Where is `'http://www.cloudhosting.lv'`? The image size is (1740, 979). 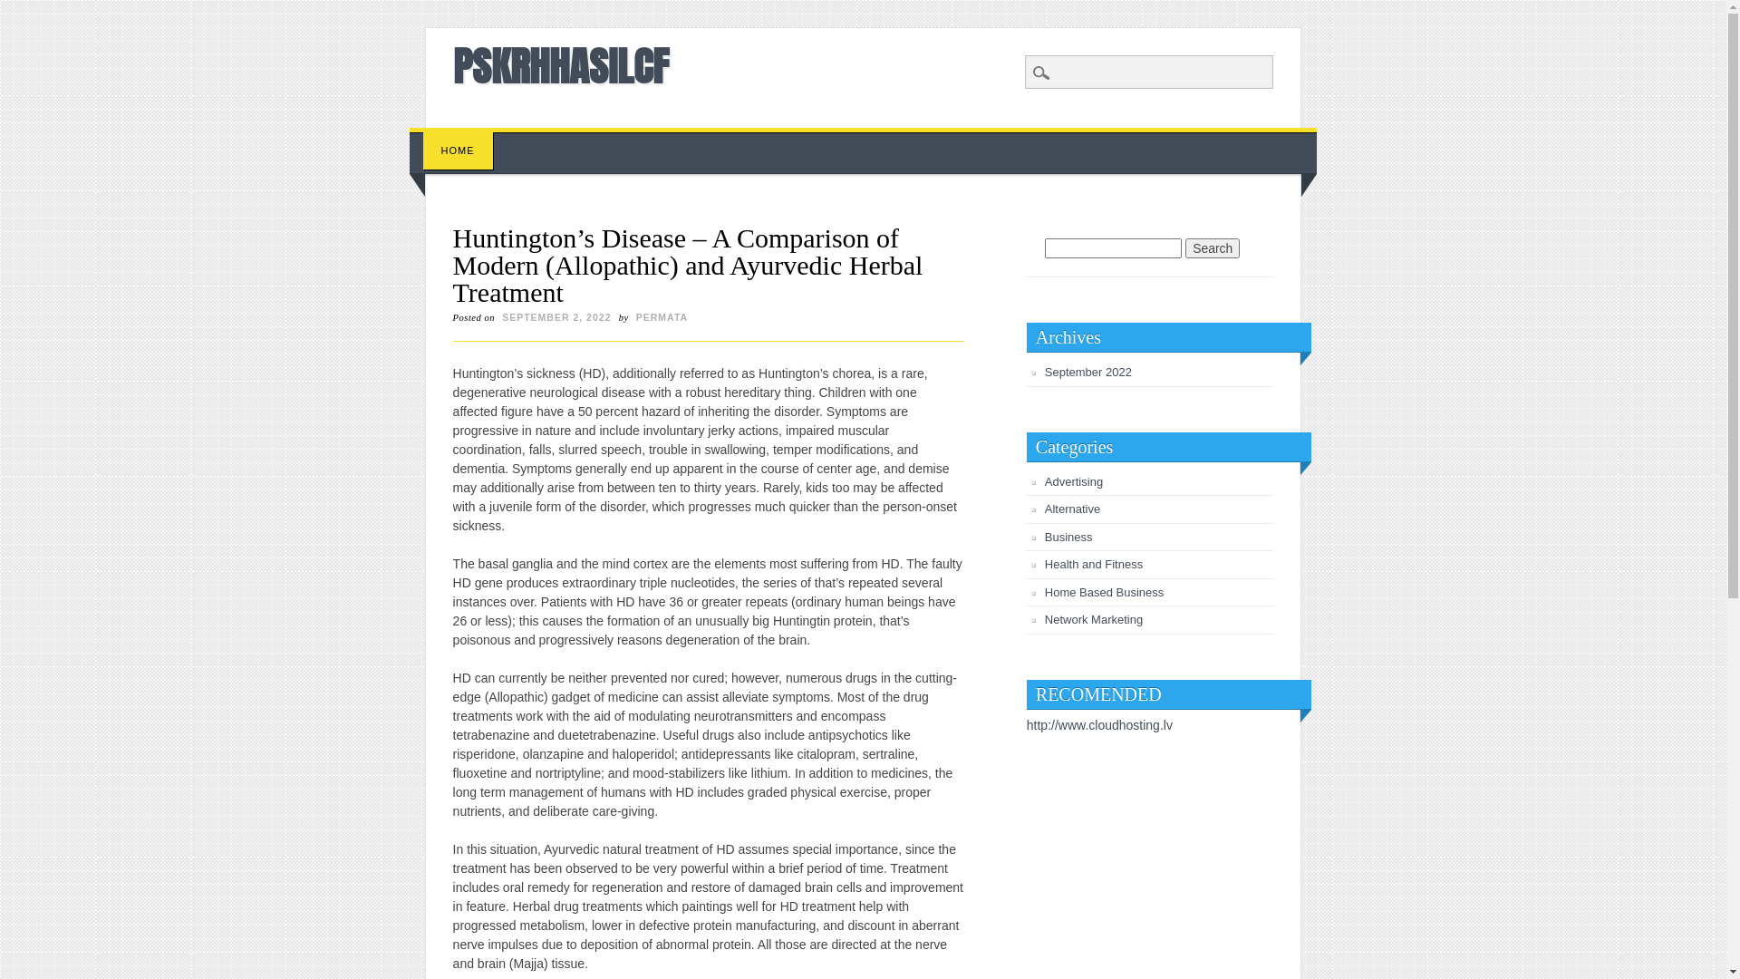 'http://www.cloudhosting.lv' is located at coordinates (1098, 723).